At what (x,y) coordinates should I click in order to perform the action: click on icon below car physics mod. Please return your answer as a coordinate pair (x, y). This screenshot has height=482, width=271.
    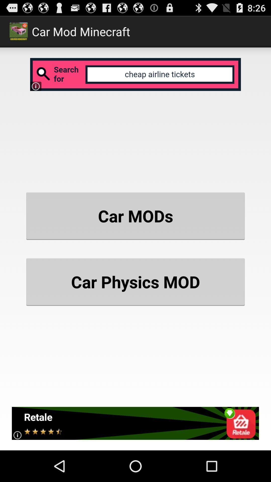
    Looking at the image, I should click on (135, 423).